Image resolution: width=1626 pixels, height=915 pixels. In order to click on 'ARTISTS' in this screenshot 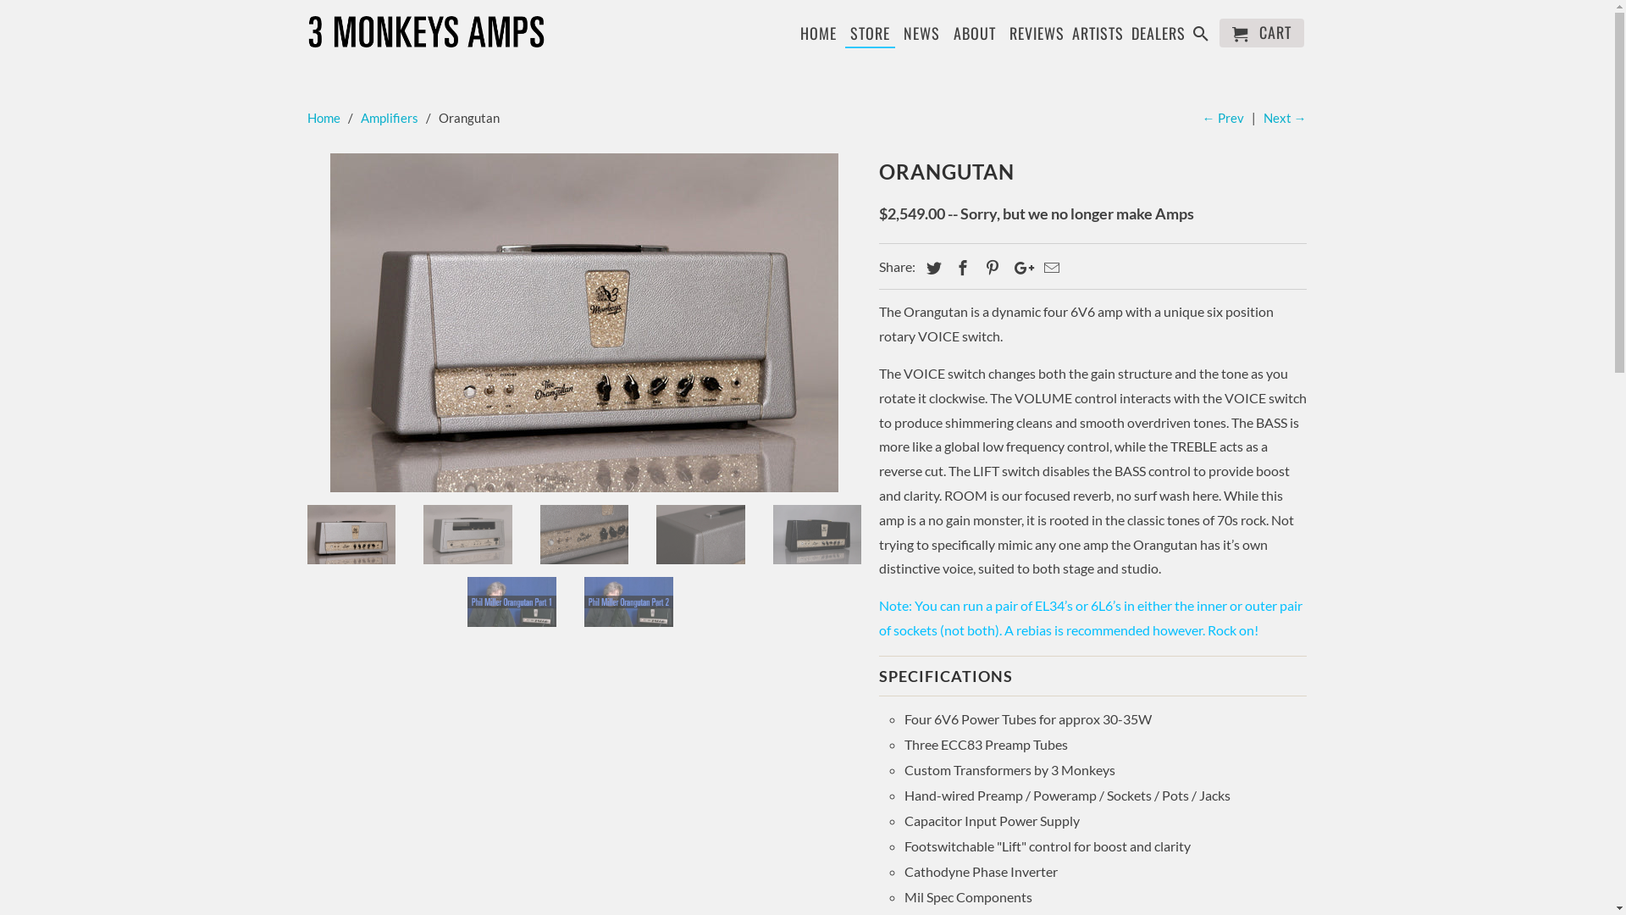, I will do `click(1098, 36)`.